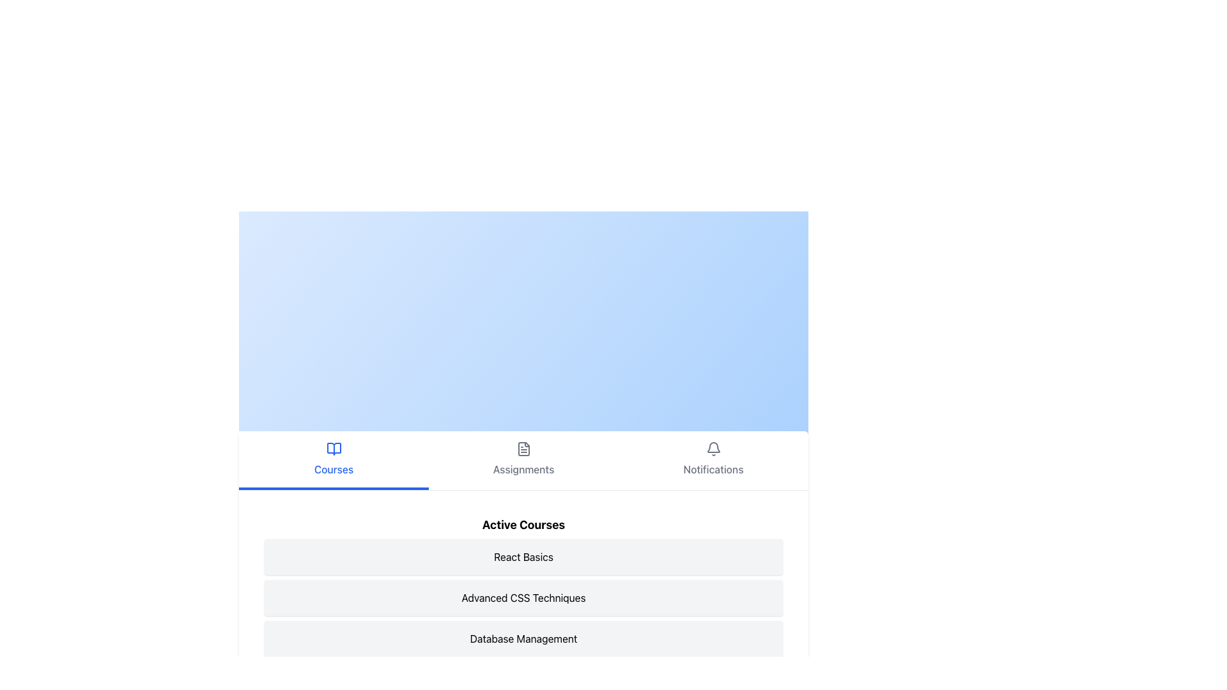  I want to click on the Clickable navigation button labeled 'Notifications' featuring a bell icon, so click(713, 458).